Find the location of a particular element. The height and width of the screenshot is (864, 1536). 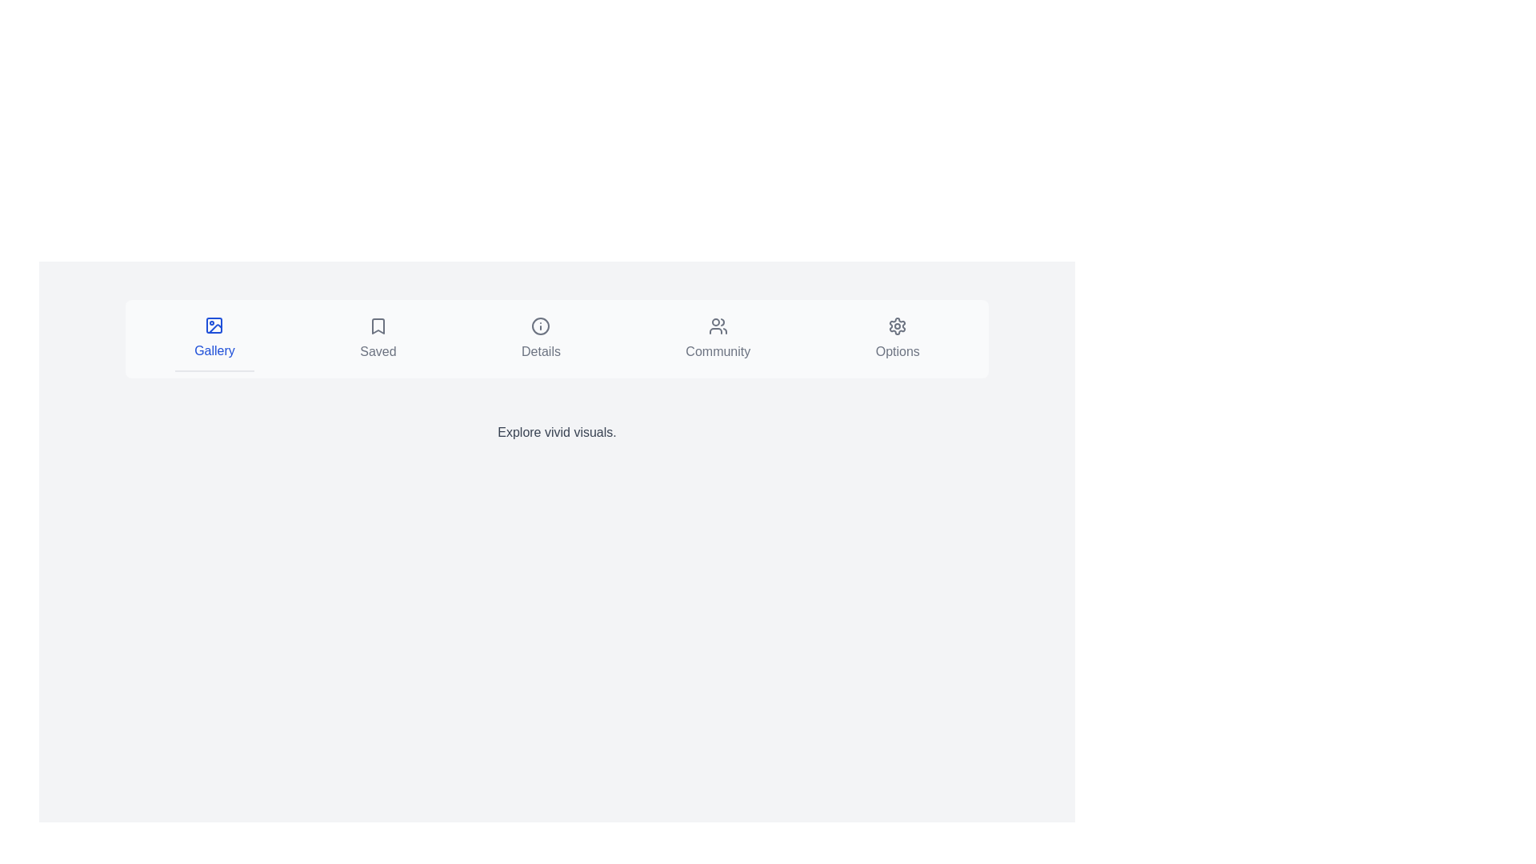

the tab labeled Details to display its associated content is located at coordinates (541, 338).